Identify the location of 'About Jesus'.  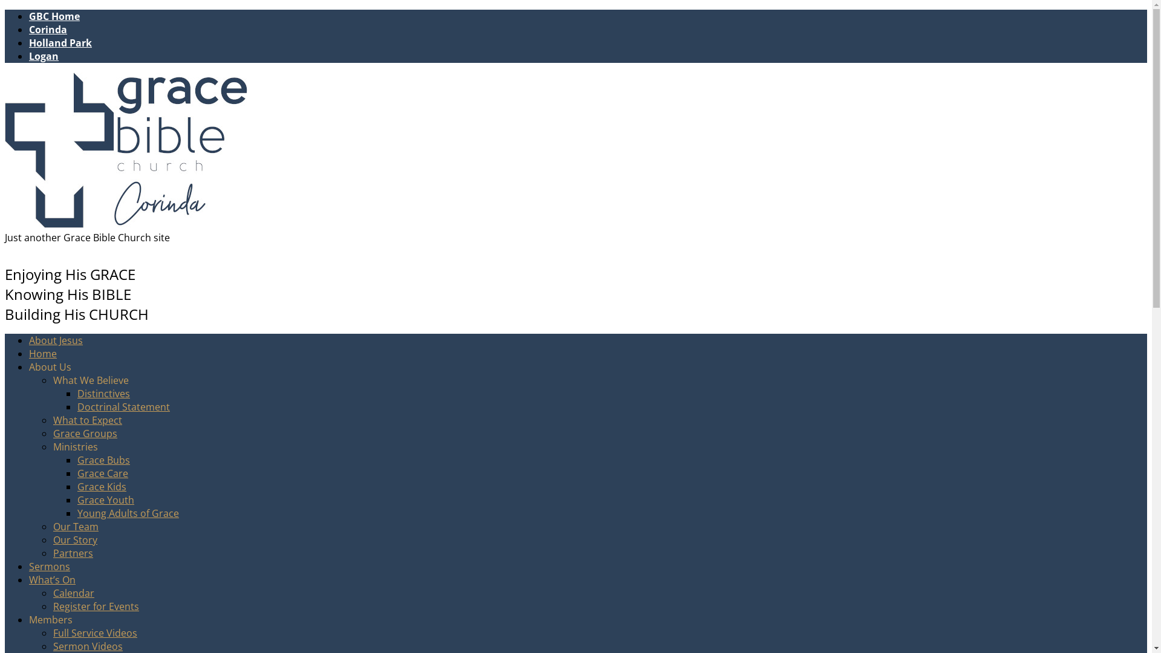
(55, 340).